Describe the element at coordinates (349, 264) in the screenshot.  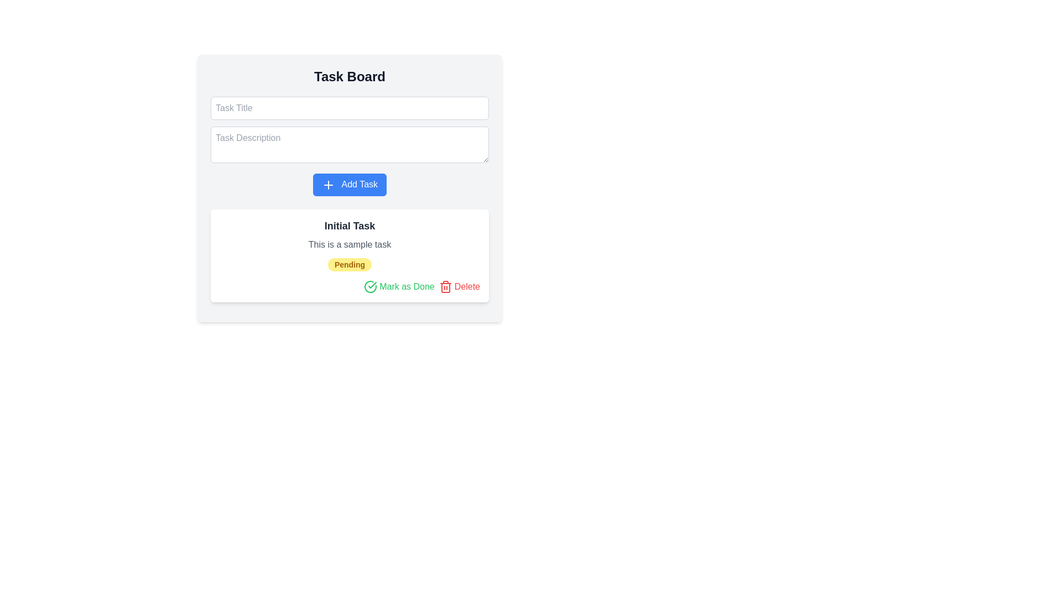
I see `the yellow badge labeled 'Pending' with rounded corners, located in the 'Initial Task' section, to the left of the 'Mark as Done' and 'Delete' buttons` at that location.